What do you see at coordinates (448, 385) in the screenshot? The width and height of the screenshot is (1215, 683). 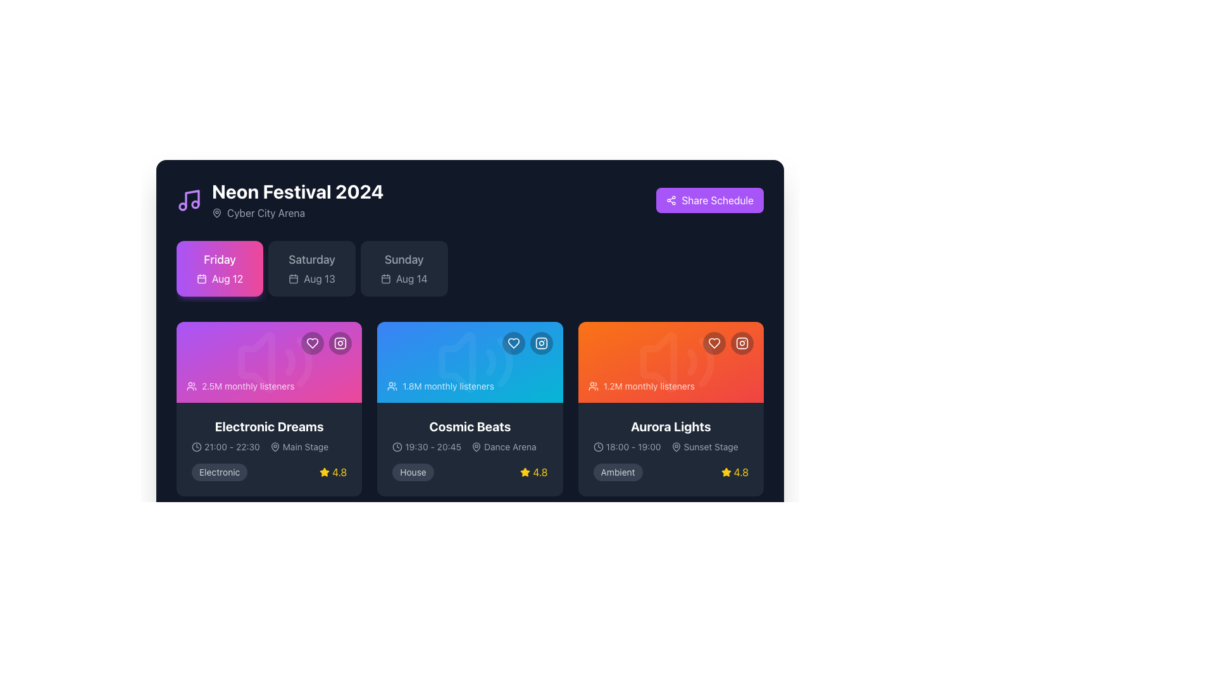 I see `the text label displaying the number of monthly listeners for the 'Cosmic Beats' event` at bounding box center [448, 385].